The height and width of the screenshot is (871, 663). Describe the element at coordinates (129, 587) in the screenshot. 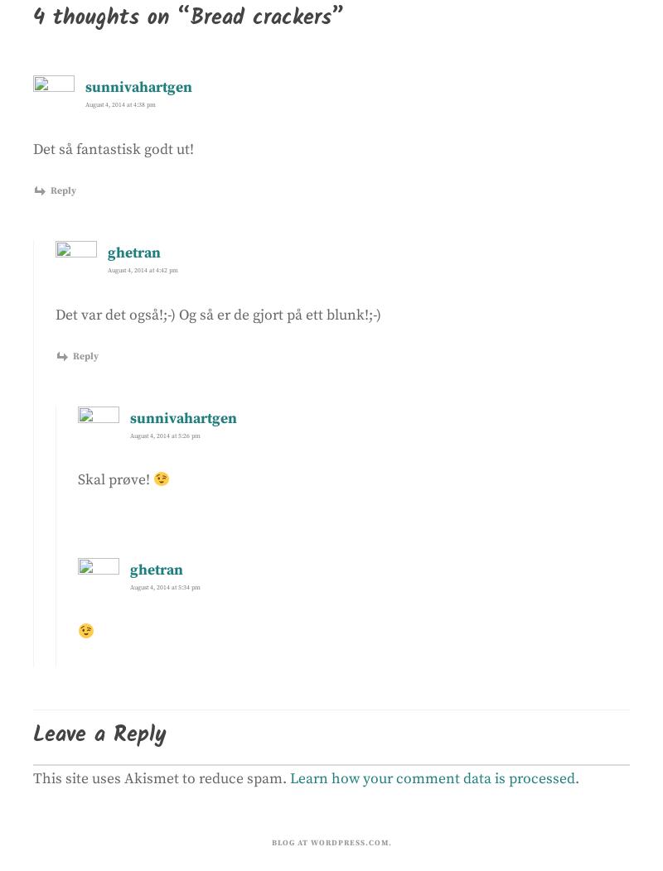

I see `'August 4, 2014 at 5:34 pm'` at that location.